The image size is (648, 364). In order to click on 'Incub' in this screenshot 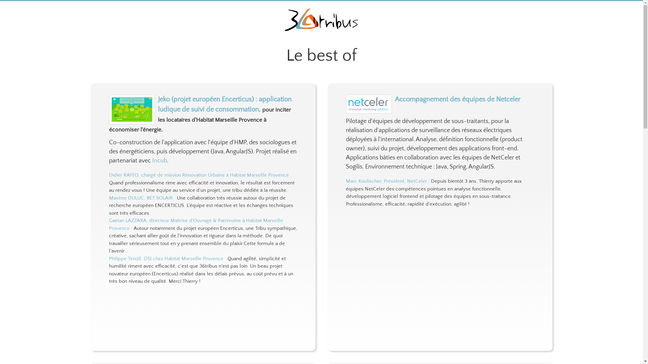, I will do `click(159, 161)`.